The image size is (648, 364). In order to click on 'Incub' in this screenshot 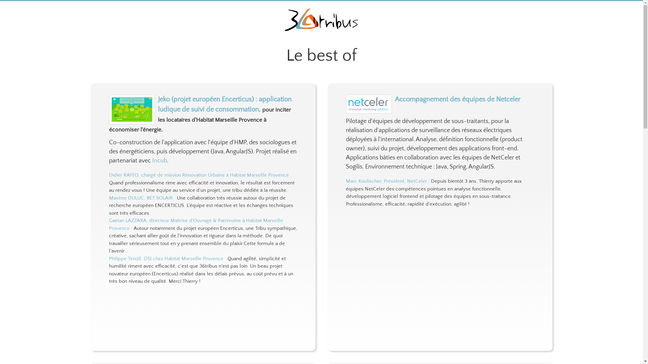, I will do `click(159, 161)`.